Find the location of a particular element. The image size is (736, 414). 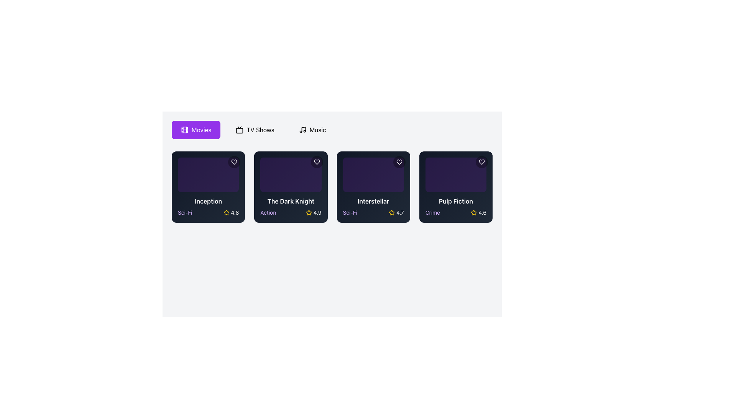

the favorite button for the movie 'Interstellar' located in the upper-right corner of its card is located at coordinates (399, 162).